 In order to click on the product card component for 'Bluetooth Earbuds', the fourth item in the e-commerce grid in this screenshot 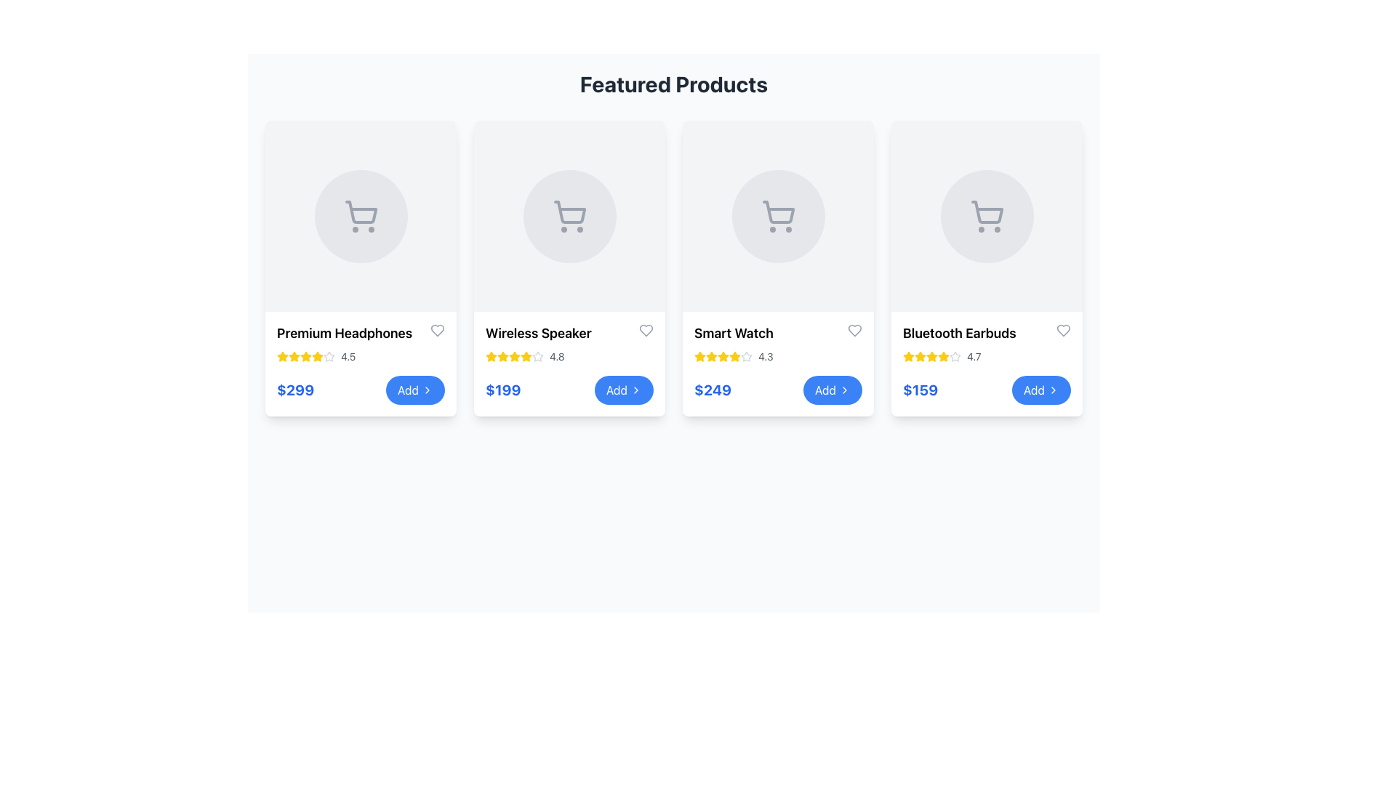, I will do `click(987, 268)`.